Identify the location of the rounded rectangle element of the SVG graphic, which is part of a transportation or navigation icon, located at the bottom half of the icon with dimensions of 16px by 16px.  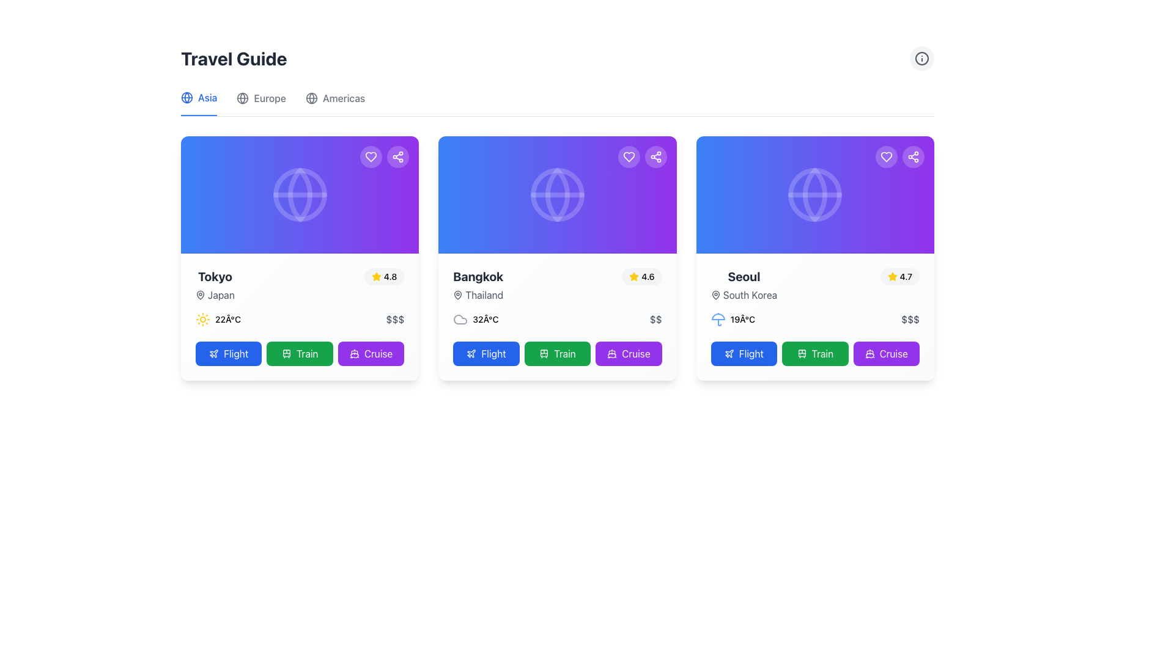
(802, 353).